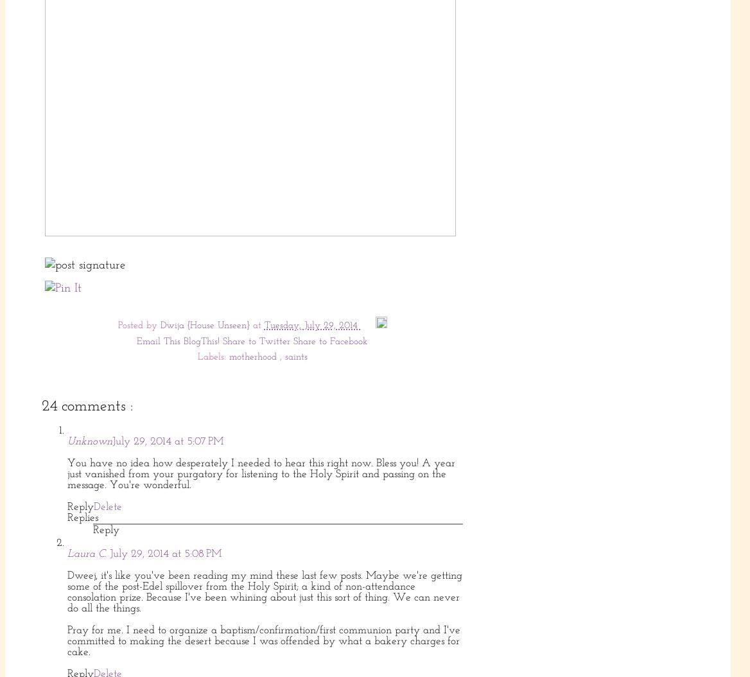 This screenshot has width=750, height=677. I want to click on 'Share to Twitter', so click(223, 341).